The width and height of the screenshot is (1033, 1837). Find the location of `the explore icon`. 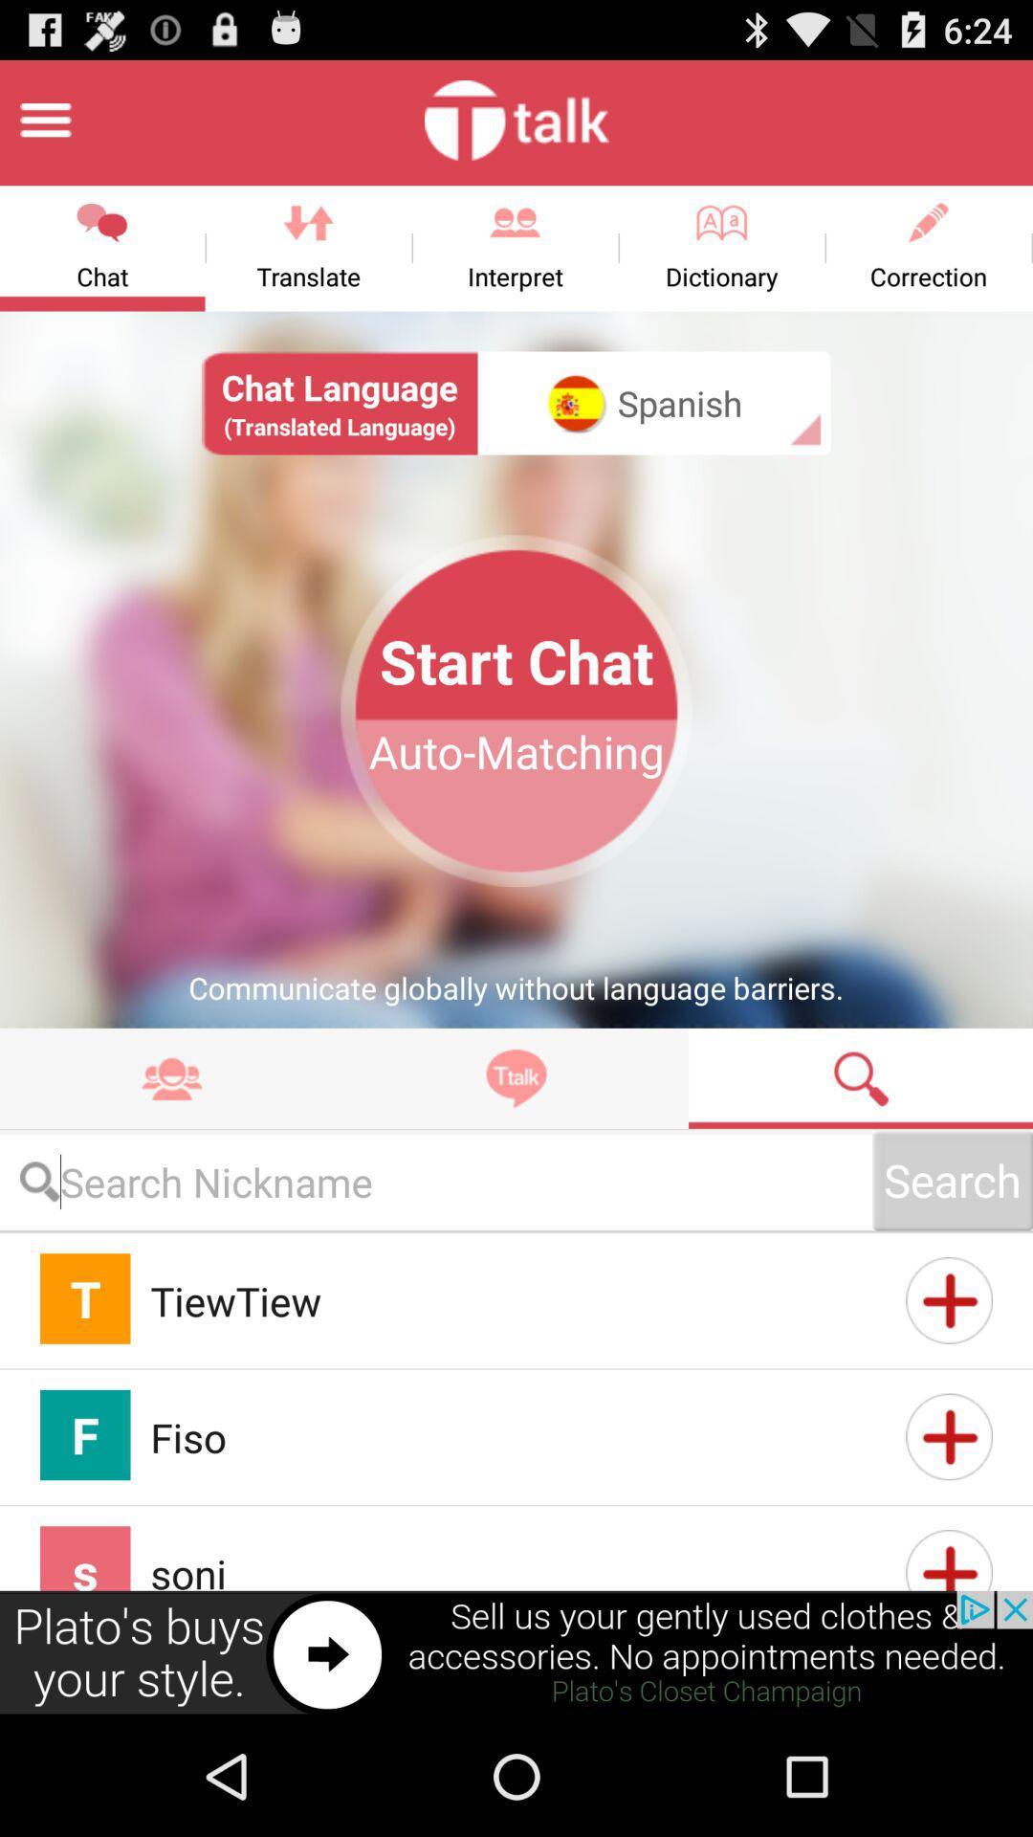

the explore icon is located at coordinates (516, 1153).